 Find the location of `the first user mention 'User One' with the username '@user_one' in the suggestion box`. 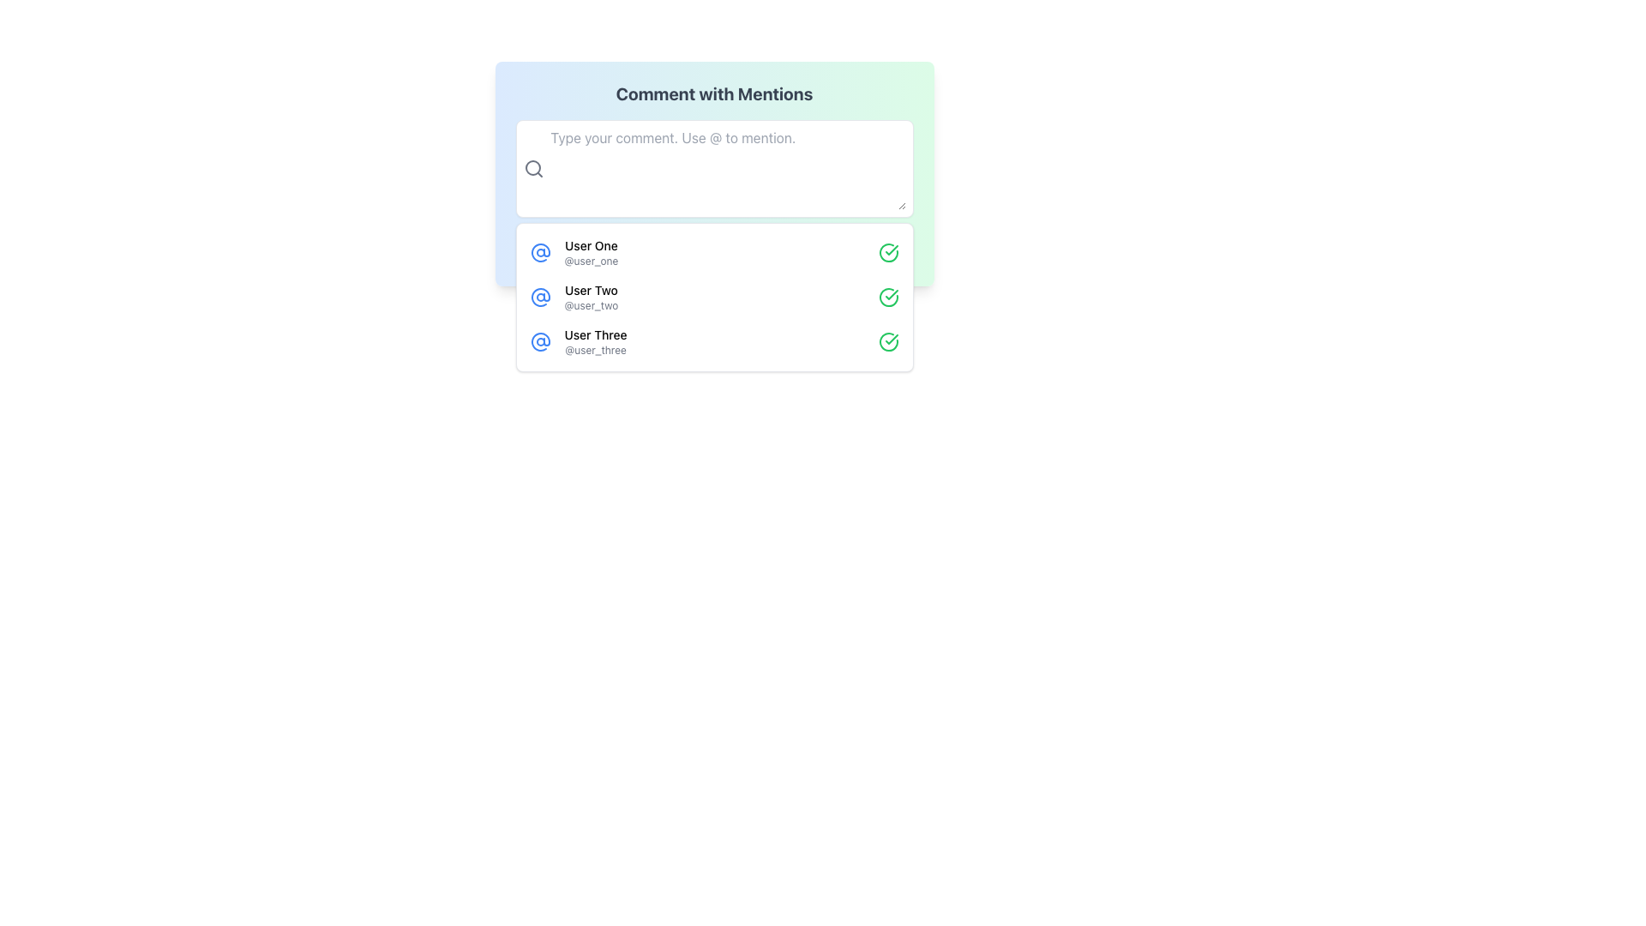

the first user mention 'User One' with the username '@user_one' in the suggestion box is located at coordinates (592, 252).